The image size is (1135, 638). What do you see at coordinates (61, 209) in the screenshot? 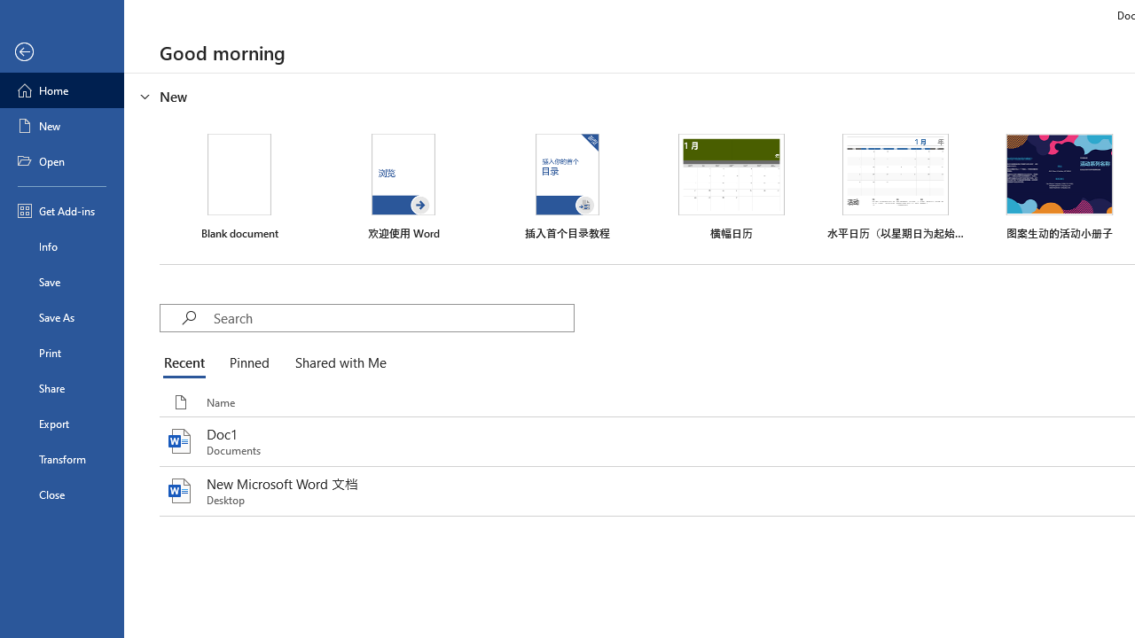
I see `'Get Add-ins'` at bounding box center [61, 209].